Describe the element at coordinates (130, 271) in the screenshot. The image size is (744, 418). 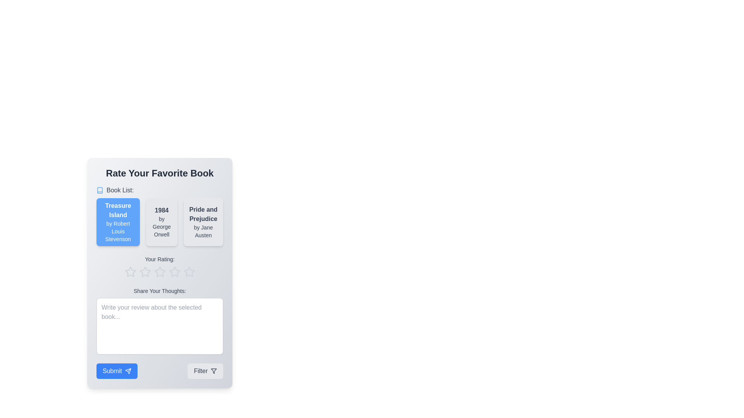
I see `the first star in the five-star rating system to assign a one-star rating` at that location.